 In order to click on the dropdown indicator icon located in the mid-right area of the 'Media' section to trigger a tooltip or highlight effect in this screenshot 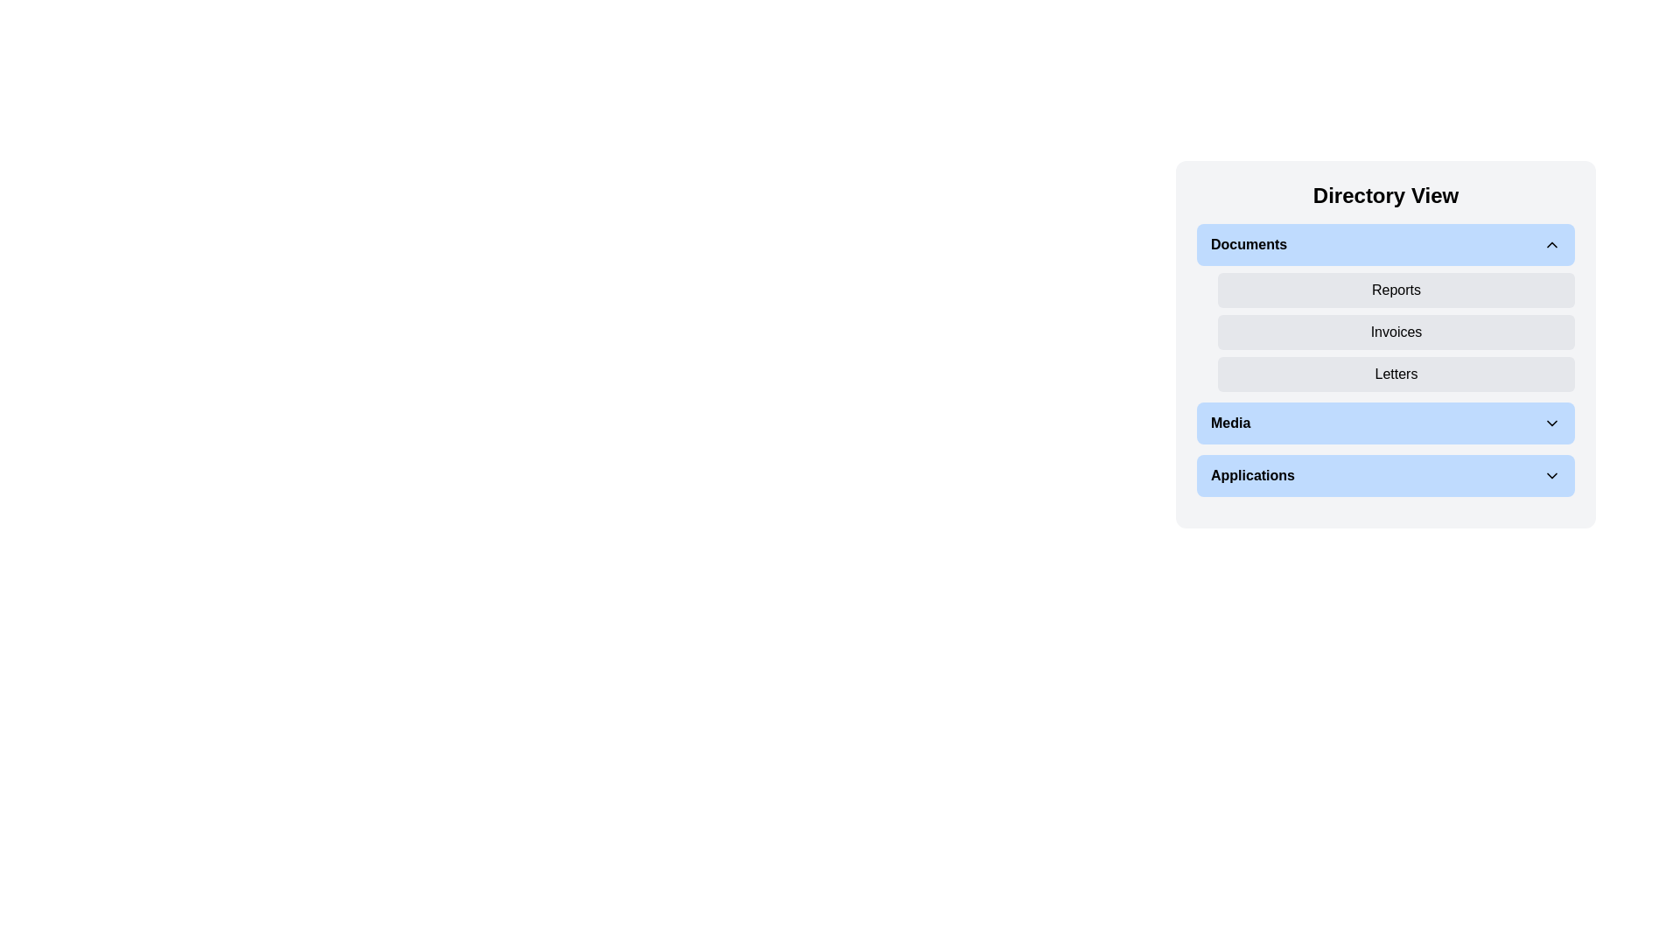, I will do `click(1552, 423)`.